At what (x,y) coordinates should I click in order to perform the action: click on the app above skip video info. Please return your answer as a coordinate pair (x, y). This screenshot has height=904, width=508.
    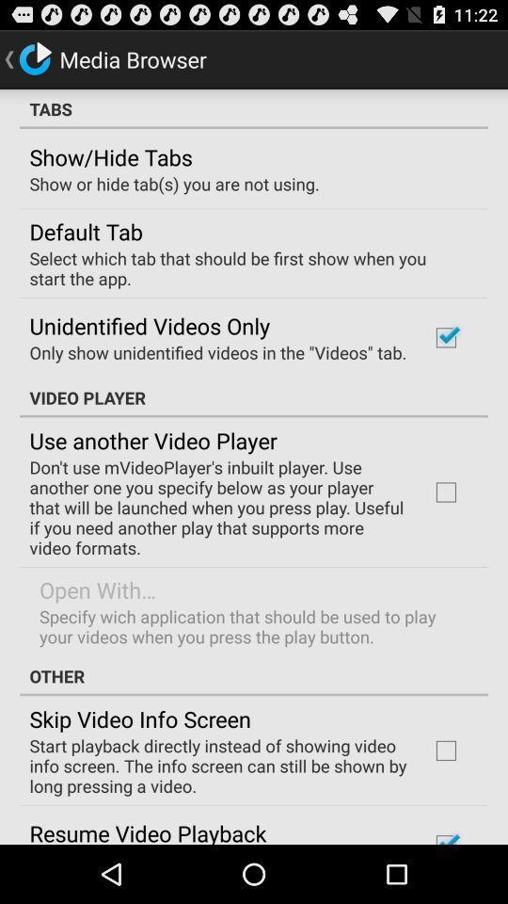
    Looking at the image, I should click on (254, 676).